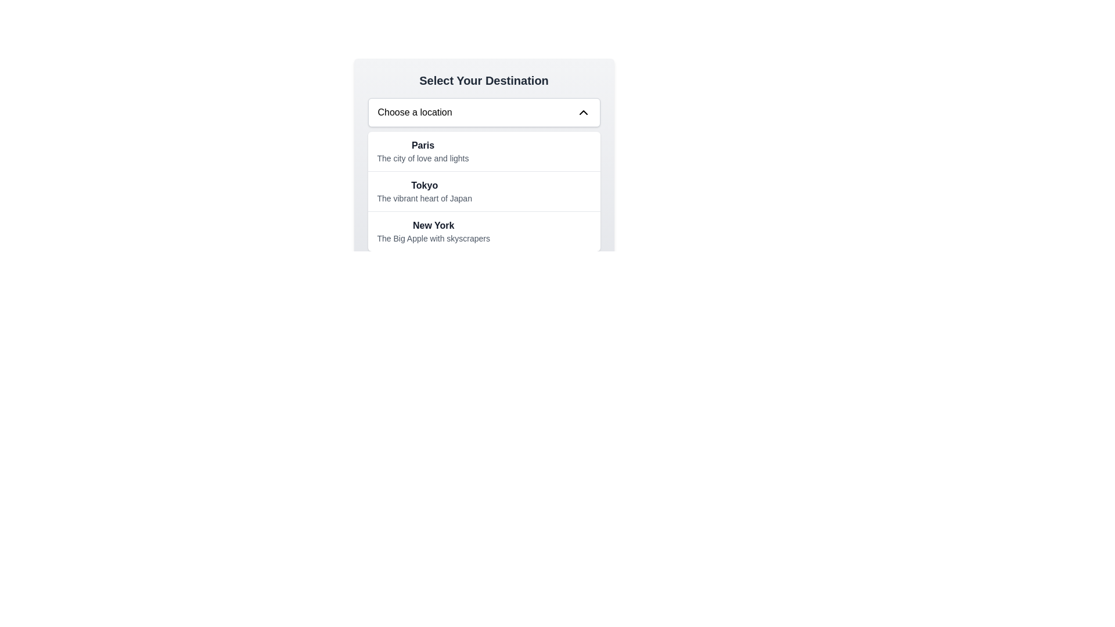  What do you see at coordinates (484, 231) in the screenshot?
I see `the text block that provides information about the destination 'New York,' which includes the tagline 'The Big Apple with skyscrapers.' This text block is the third item in the vertical list under the header 'Select Your Destination.'` at bounding box center [484, 231].